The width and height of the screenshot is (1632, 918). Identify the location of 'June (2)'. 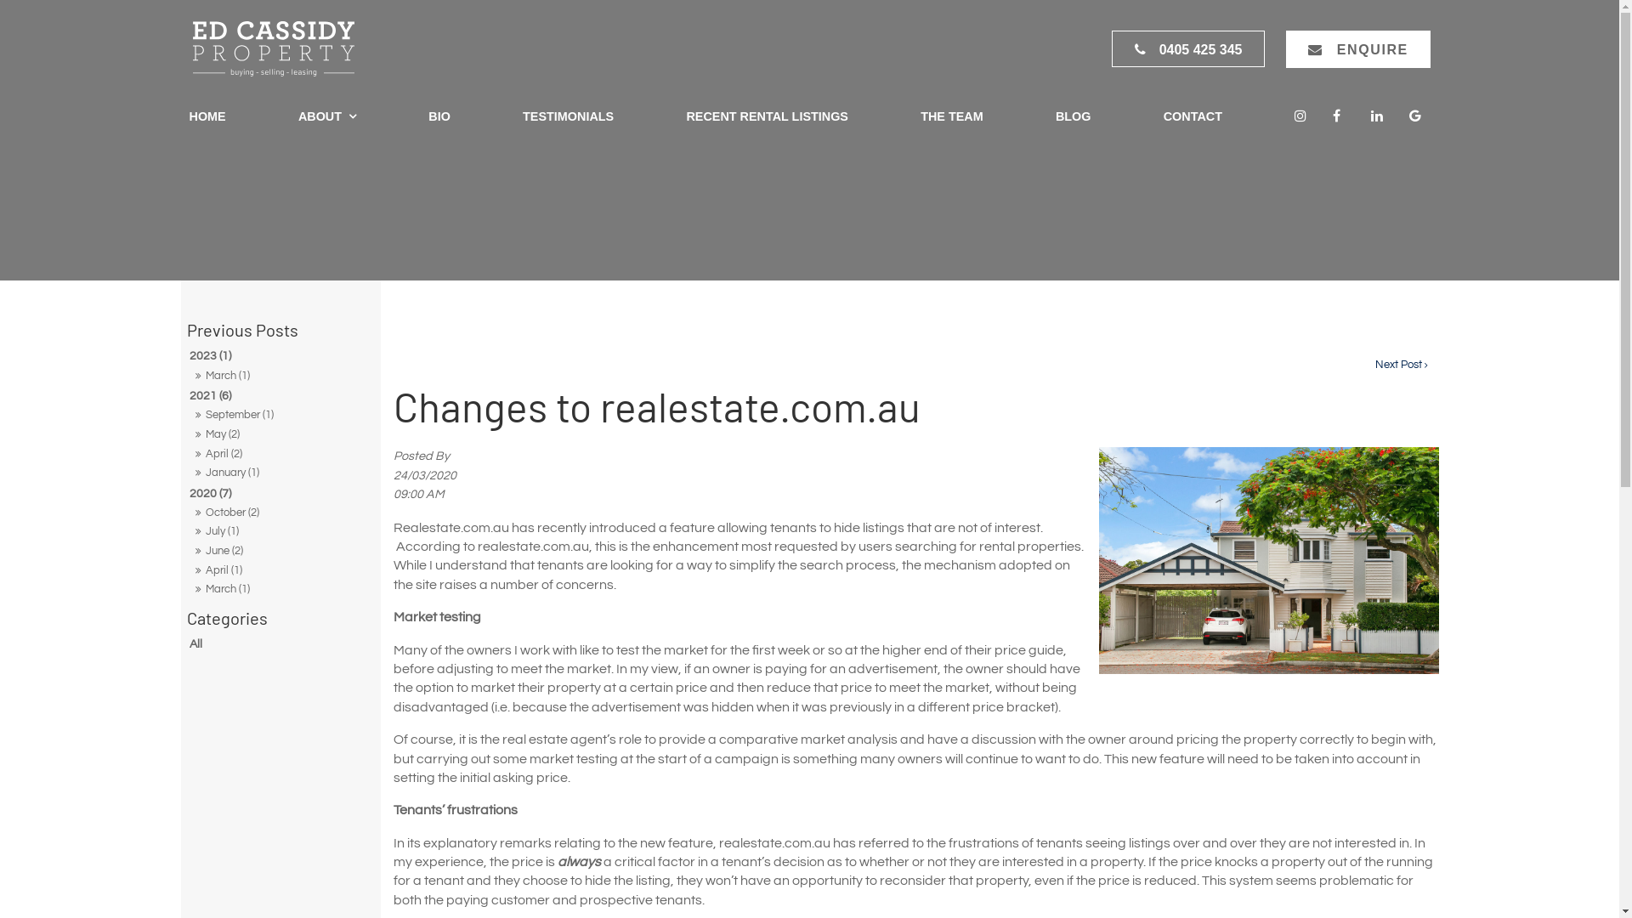
(280, 551).